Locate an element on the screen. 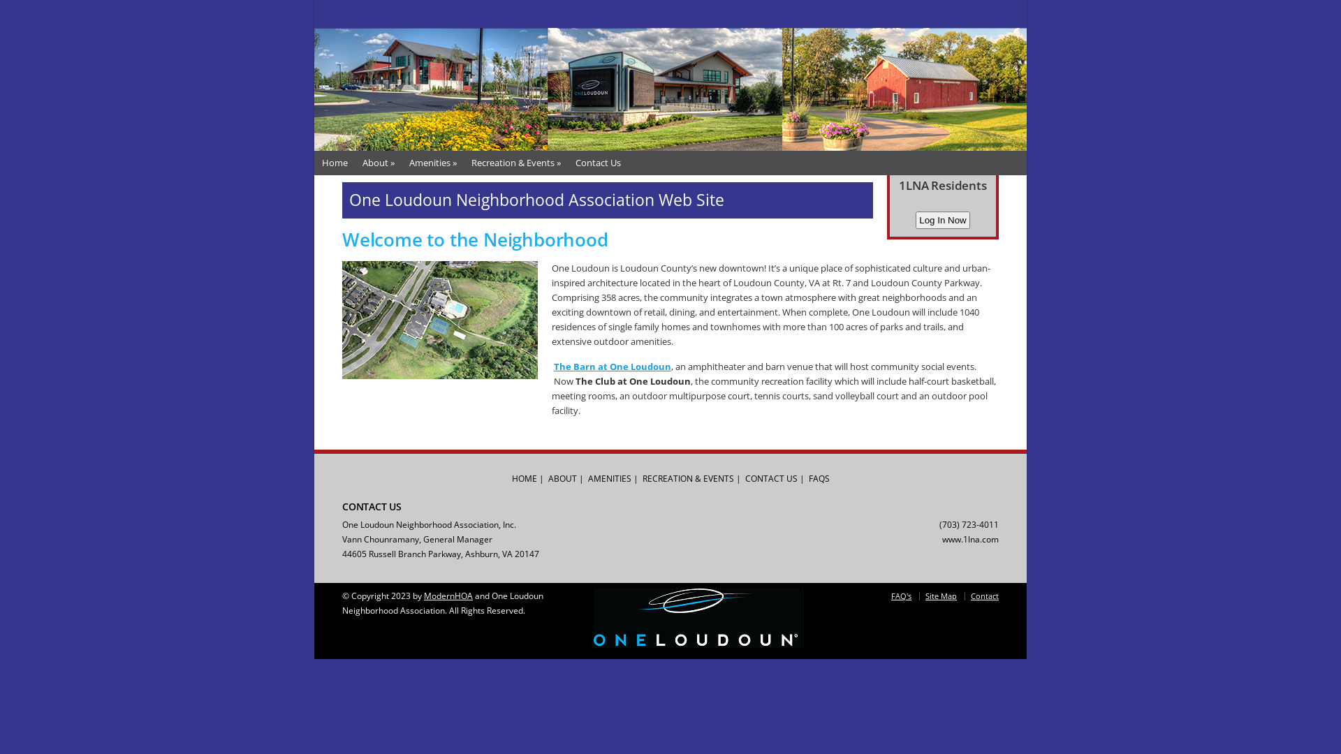 The image size is (1341, 754). 'The Barn at One Loudoun' is located at coordinates (613, 365).